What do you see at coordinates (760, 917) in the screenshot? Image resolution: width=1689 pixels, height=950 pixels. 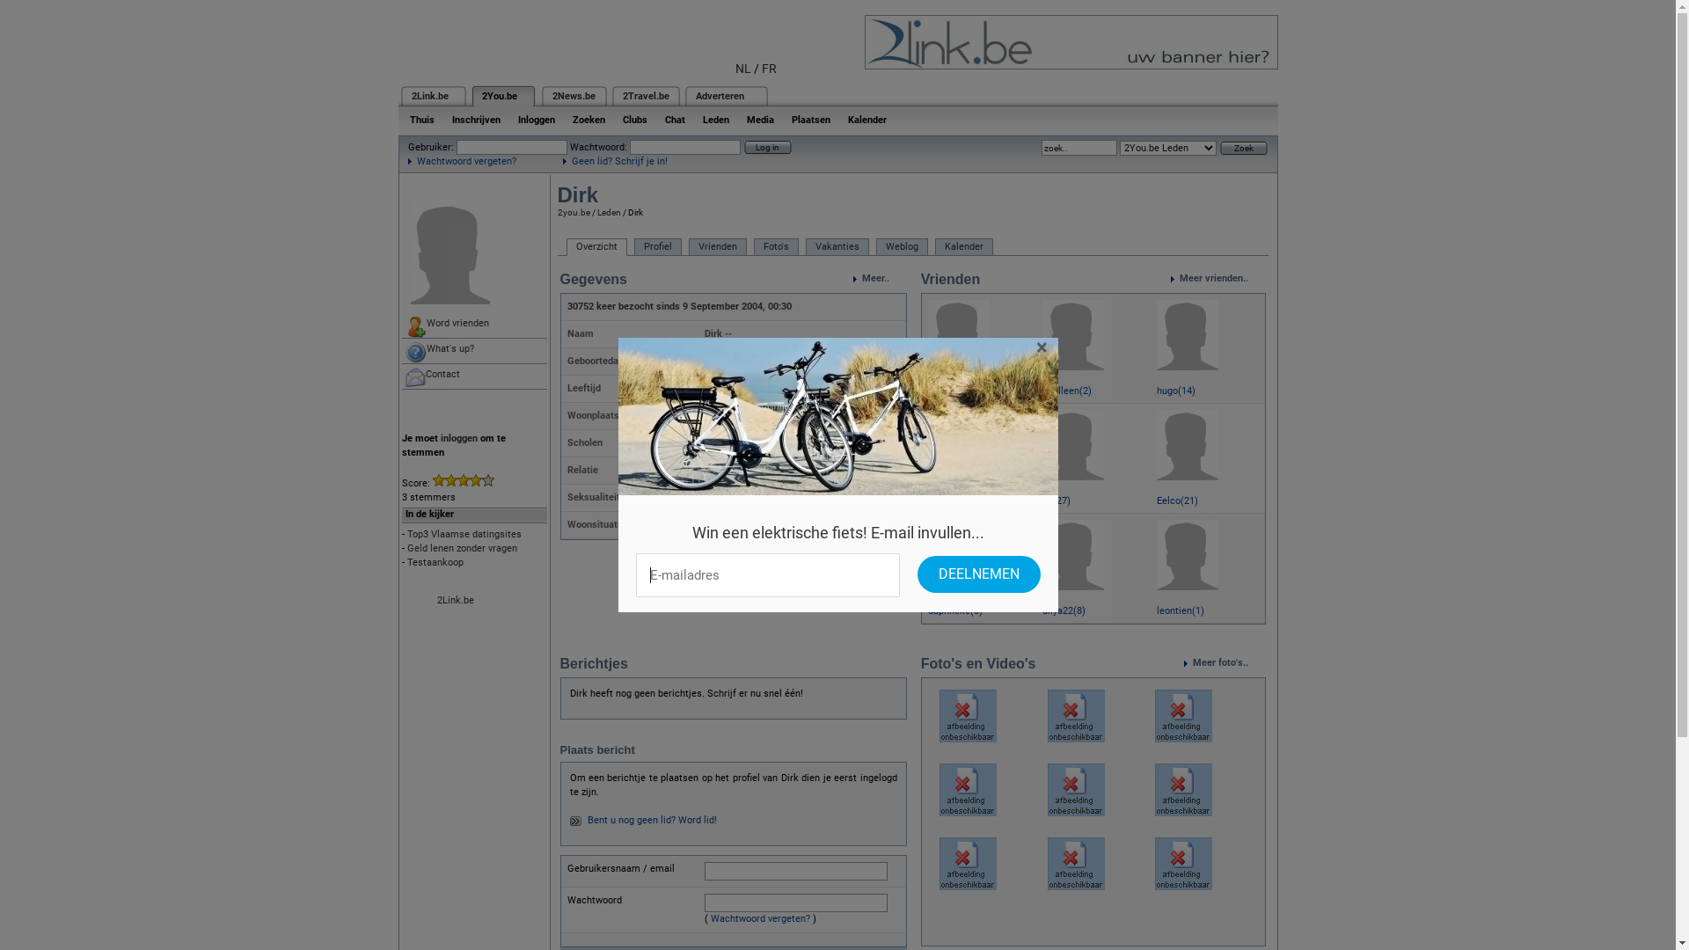 I see `'Wachtwoord vergeten?'` at bounding box center [760, 917].